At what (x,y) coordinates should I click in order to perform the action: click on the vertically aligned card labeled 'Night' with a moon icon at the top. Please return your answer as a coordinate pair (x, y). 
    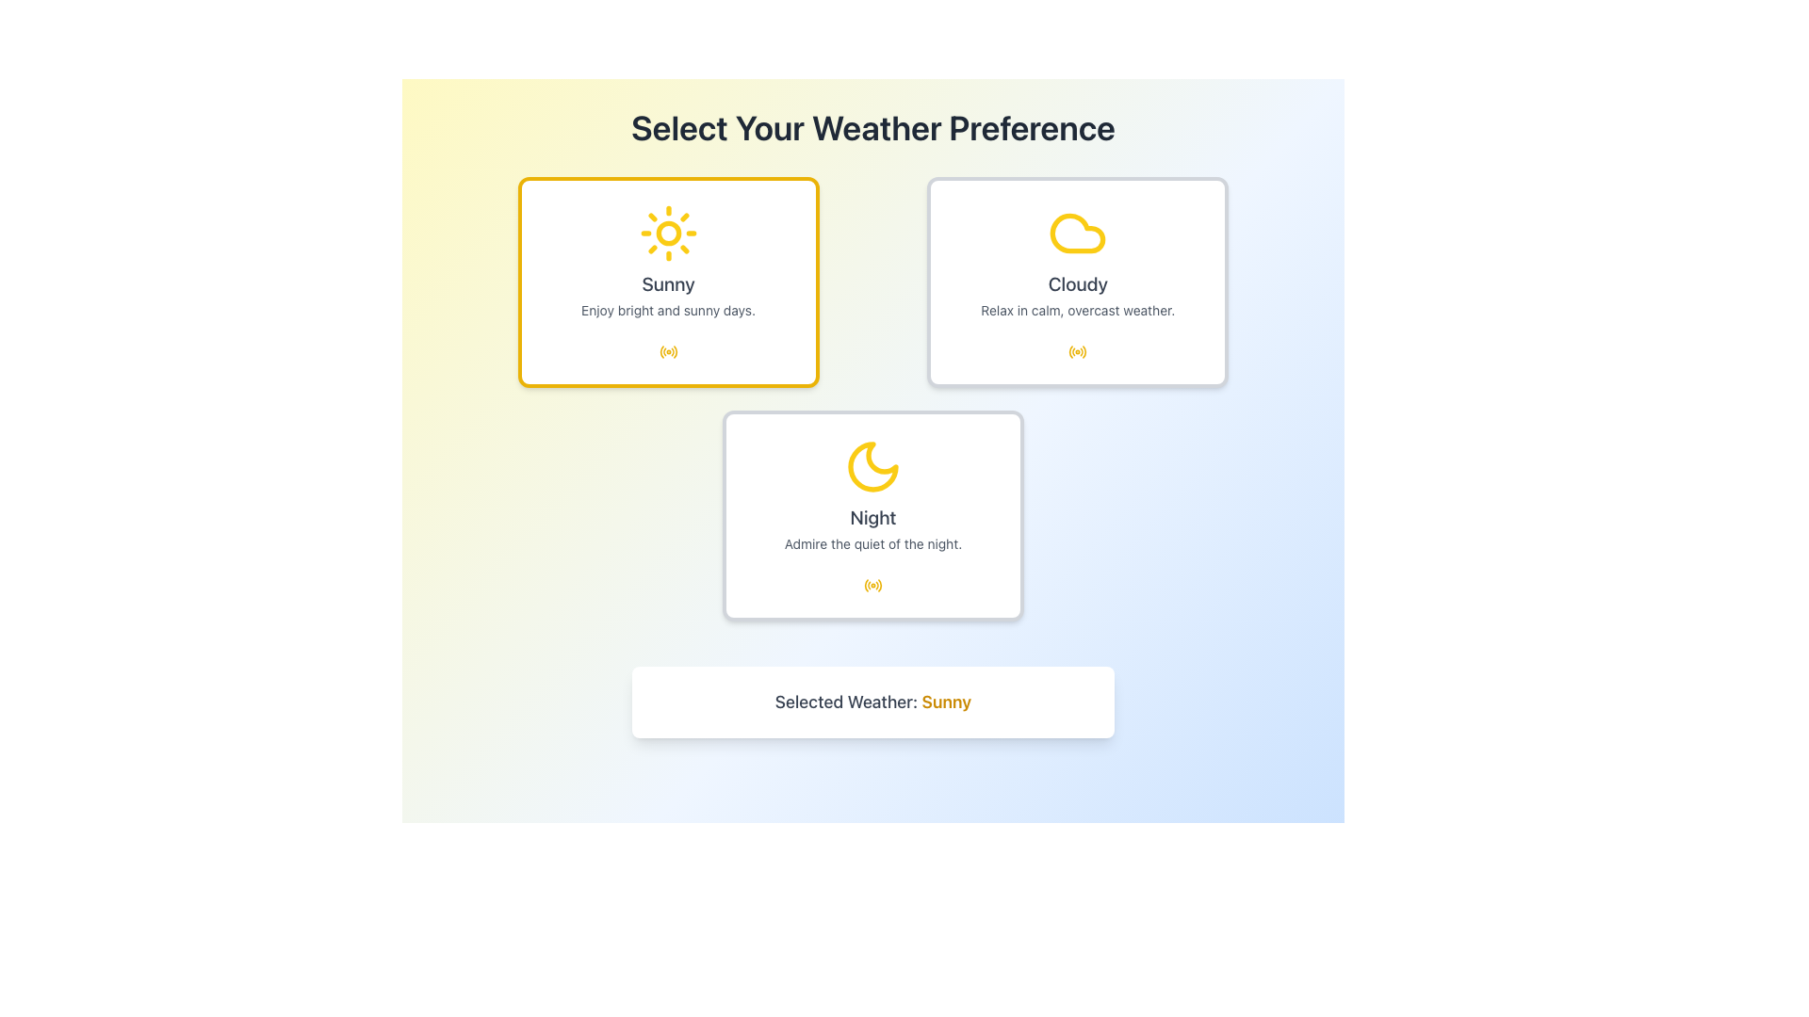
    Looking at the image, I should click on (872, 515).